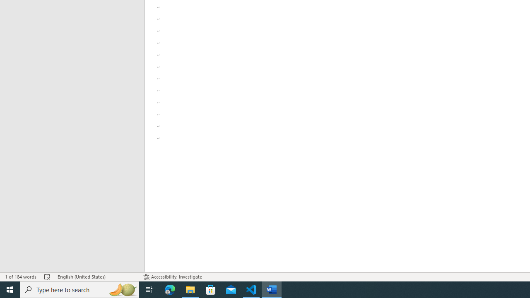 The width and height of the screenshot is (530, 298). I want to click on 'Accessibility Checker Accessibility: Investigate', so click(172, 277).